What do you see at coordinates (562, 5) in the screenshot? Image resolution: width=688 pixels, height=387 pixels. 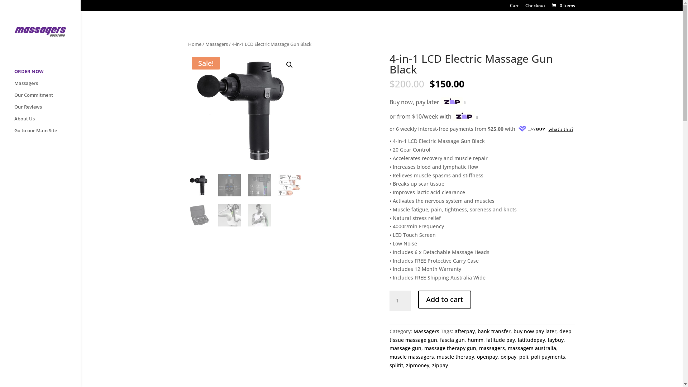 I see `'0 Items'` at bounding box center [562, 5].